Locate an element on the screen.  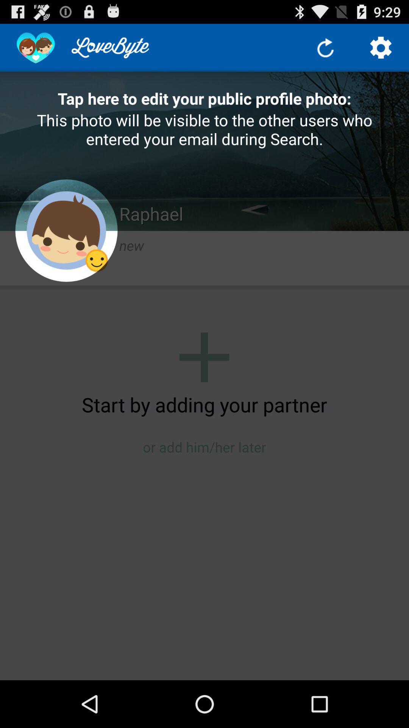
edit profile photo is located at coordinates (66, 230).